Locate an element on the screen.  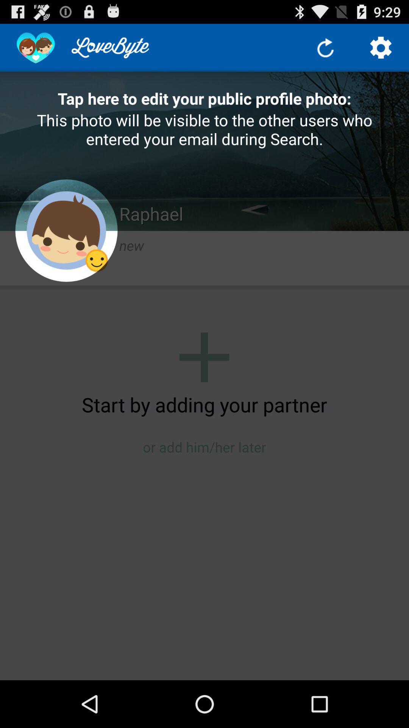
edit profile photo is located at coordinates (66, 230).